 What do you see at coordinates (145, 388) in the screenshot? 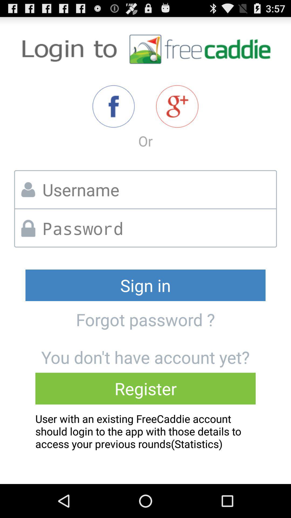
I see `the item above the user with an item` at bounding box center [145, 388].